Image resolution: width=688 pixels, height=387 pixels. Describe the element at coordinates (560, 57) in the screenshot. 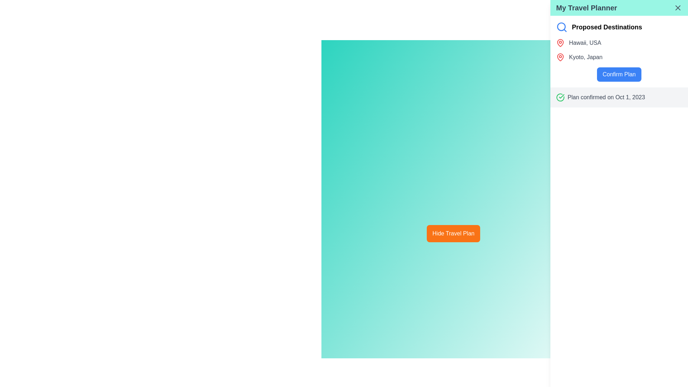

I see `the second map pin icon symbolizing the geographic location 'Kyoto, Japan' in the travel itinerary UI, located to the left of the corresponding text` at that location.